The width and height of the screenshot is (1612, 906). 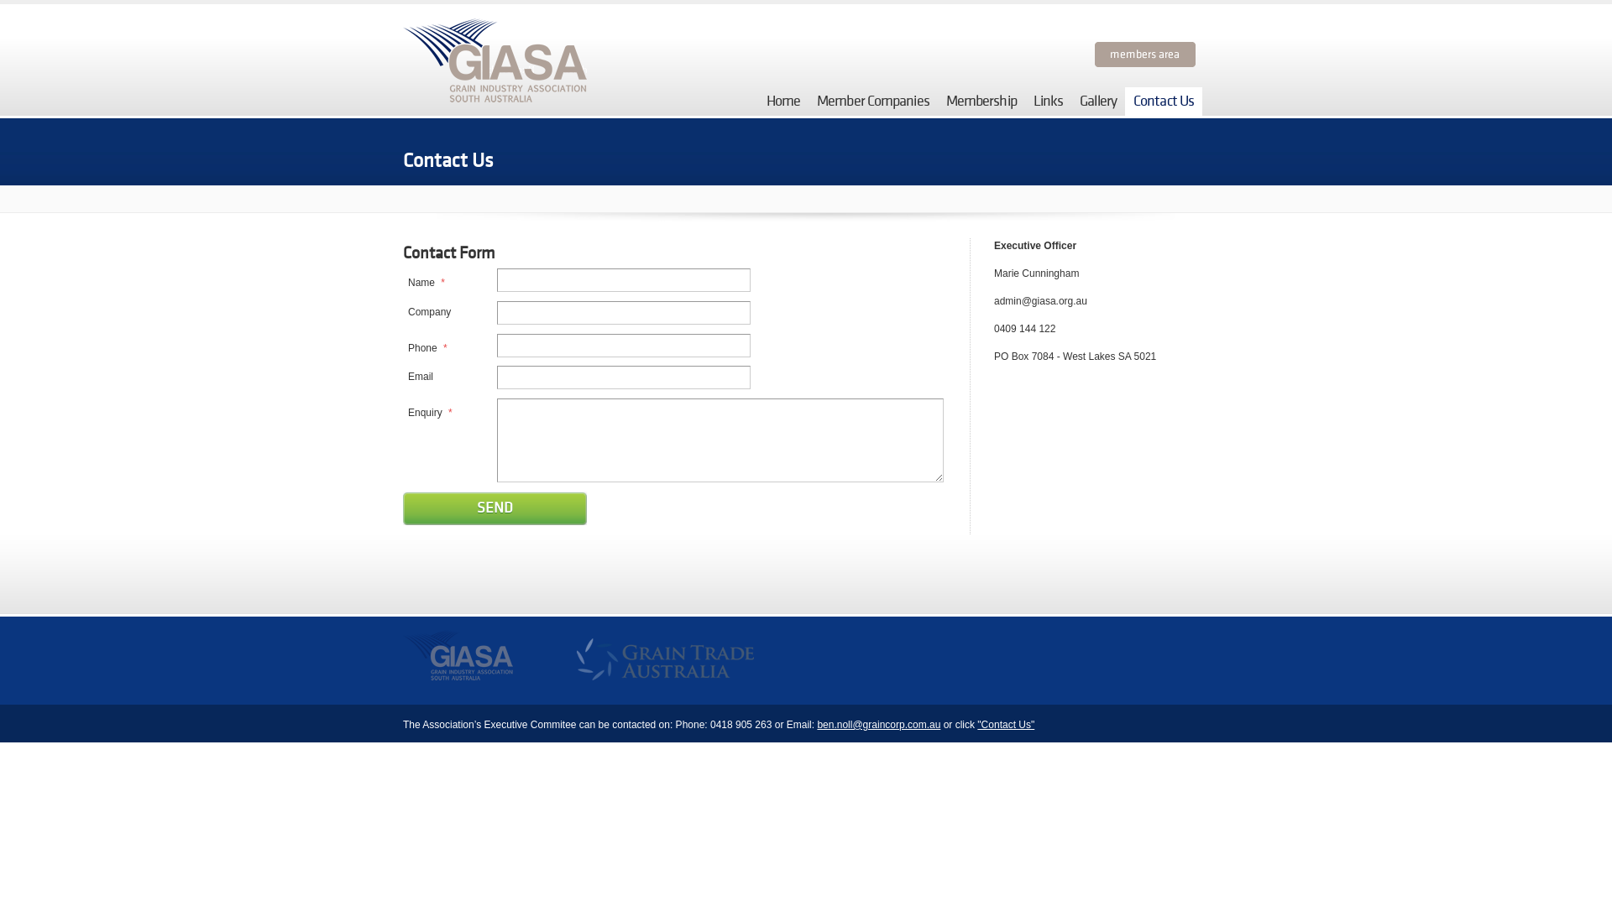 I want to click on 'Home', so click(x=782, y=101).